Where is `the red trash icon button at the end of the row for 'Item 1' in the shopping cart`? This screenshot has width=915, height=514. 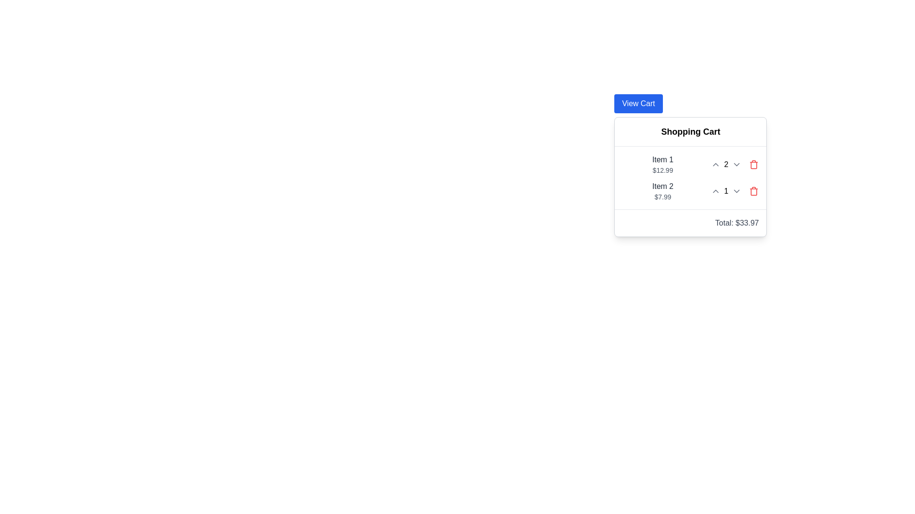 the red trash icon button at the end of the row for 'Item 1' in the shopping cart is located at coordinates (753, 164).